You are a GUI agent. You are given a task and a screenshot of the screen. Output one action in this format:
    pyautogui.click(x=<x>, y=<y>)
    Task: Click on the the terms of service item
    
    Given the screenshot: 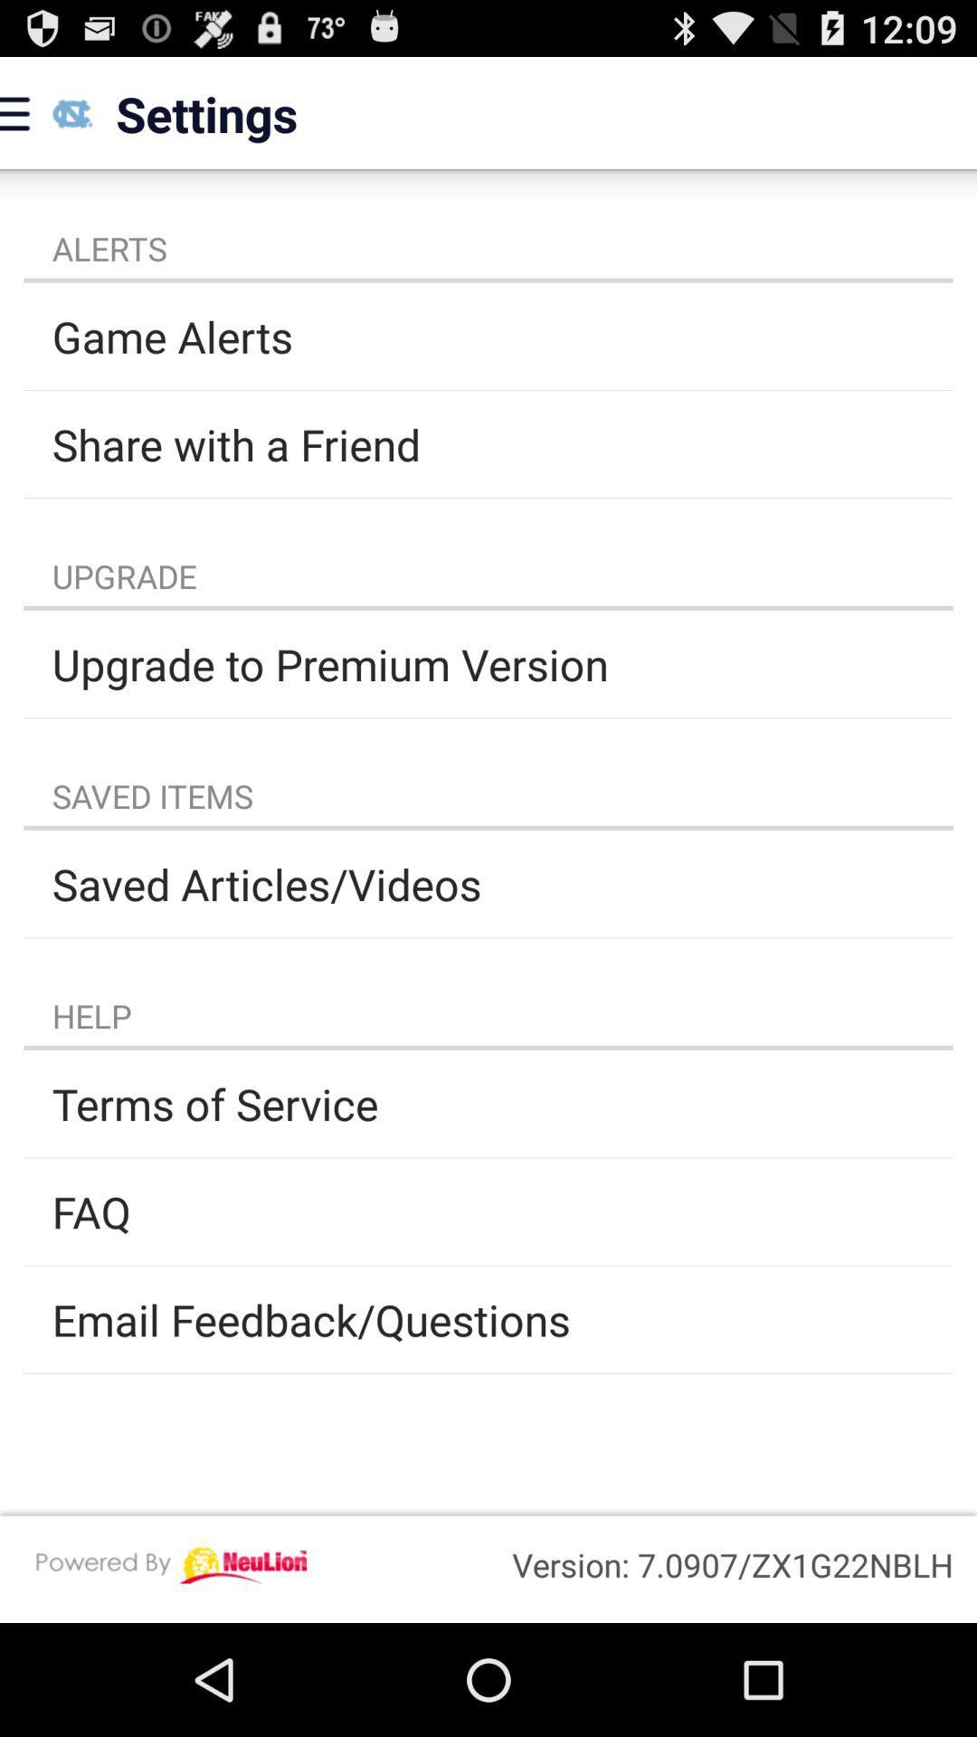 What is the action you would take?
    pyautogui.click(x=488, y=1103)
    